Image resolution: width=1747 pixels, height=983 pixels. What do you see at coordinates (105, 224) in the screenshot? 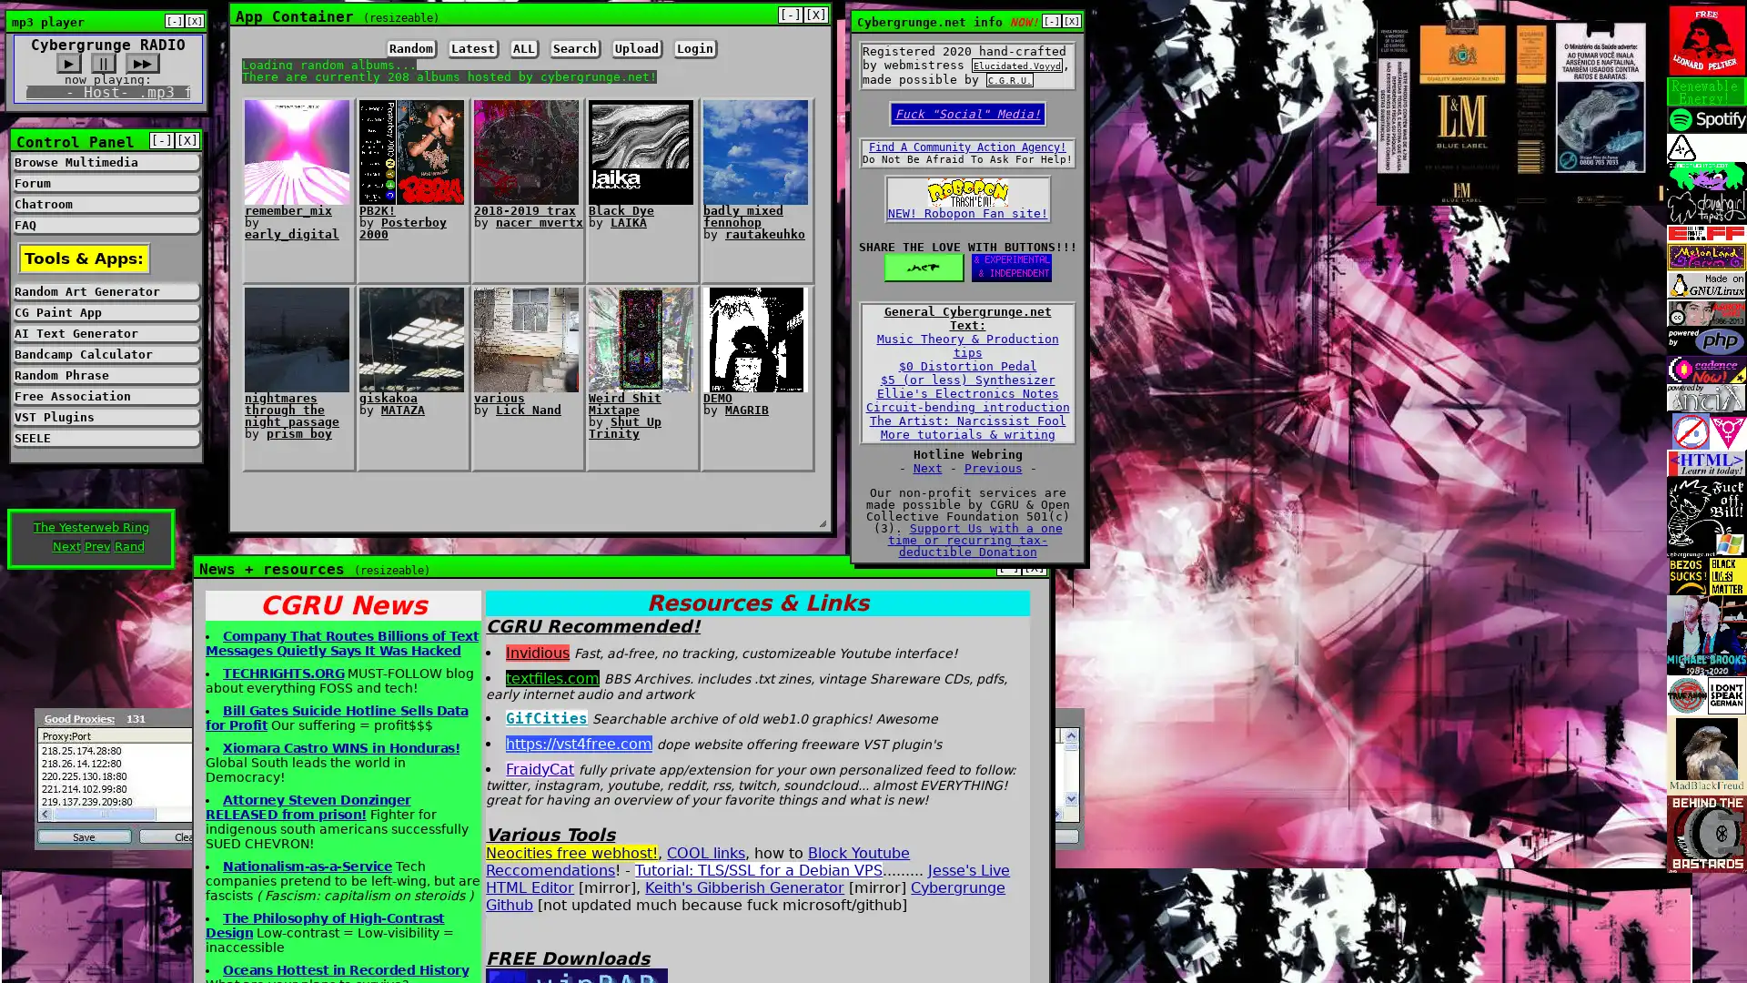
I see `FAQ` at bounding box center [105, 224].